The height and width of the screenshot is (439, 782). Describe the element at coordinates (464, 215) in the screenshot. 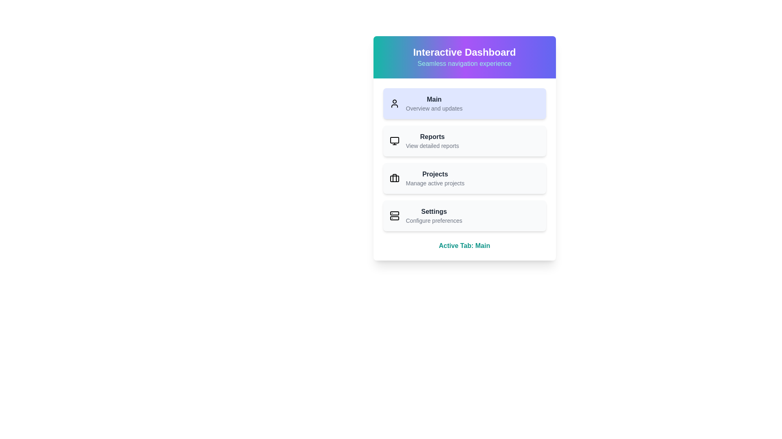

I see `the menu item Settings to view its hover effect` at that location.